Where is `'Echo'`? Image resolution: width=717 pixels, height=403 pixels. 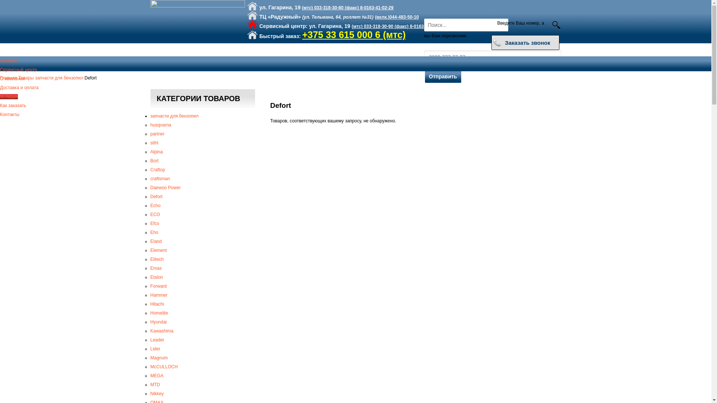
'Echo' is located at coordinates (155, 206).